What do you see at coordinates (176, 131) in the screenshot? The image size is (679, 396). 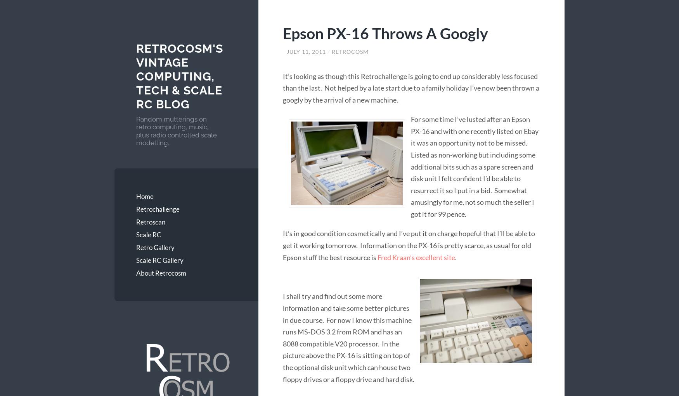 I see `'Random mutterings on retro computing, music, plus radio controlled scale modelling.'` at bounding box center [176, 131].